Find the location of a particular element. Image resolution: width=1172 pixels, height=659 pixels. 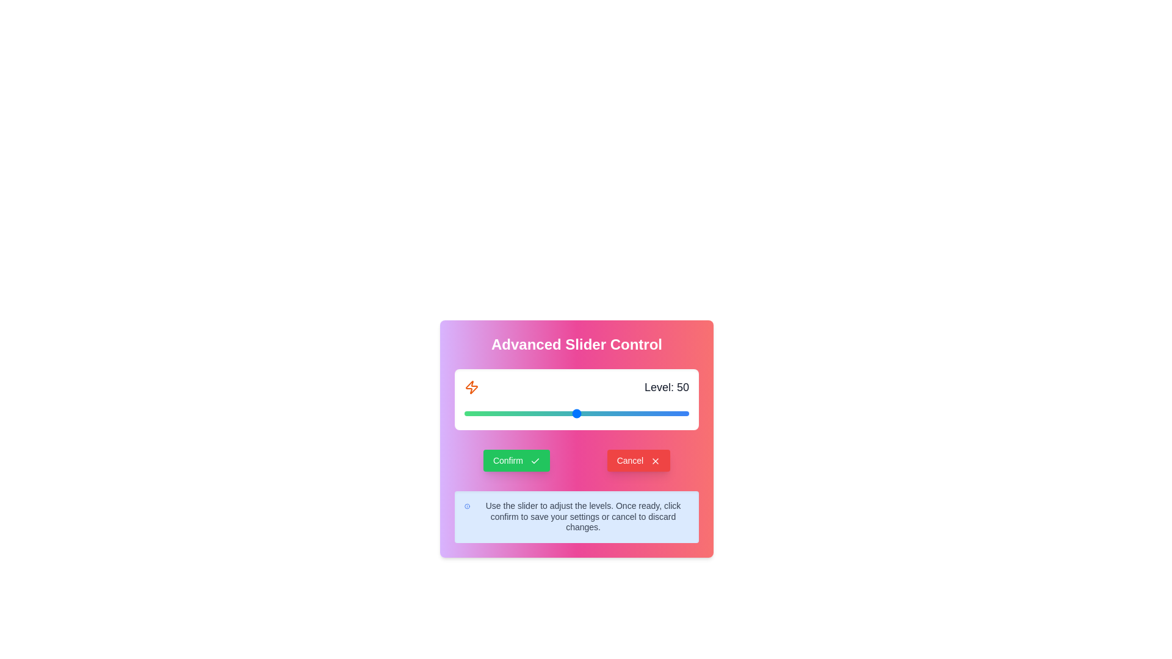

the informational text below the slider to read it is located at coordinates (576, 517).